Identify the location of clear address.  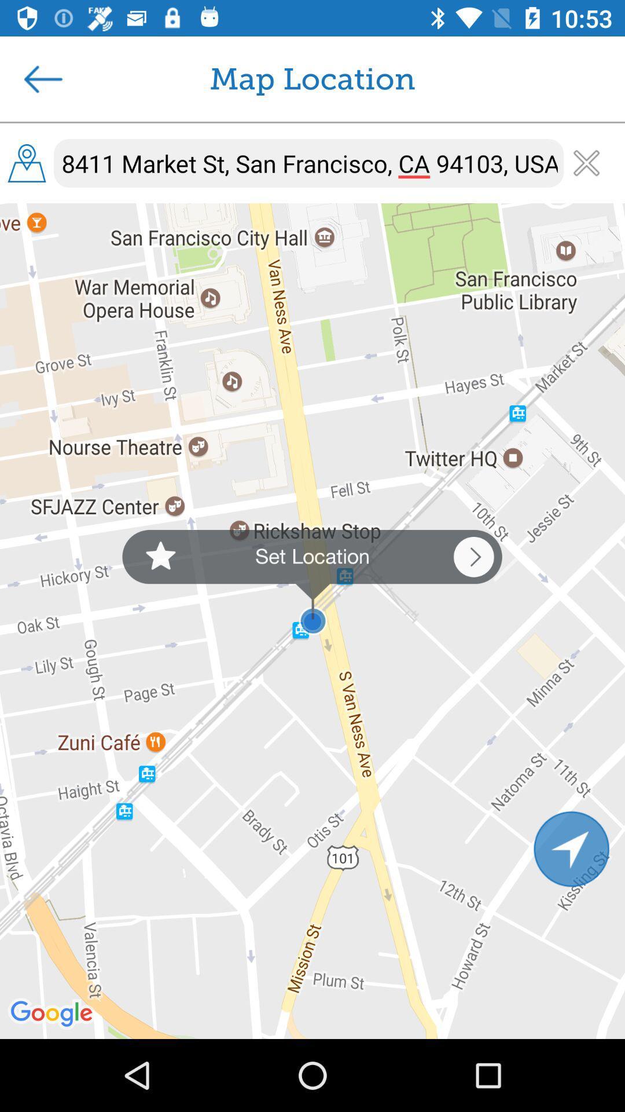
(586, 162).